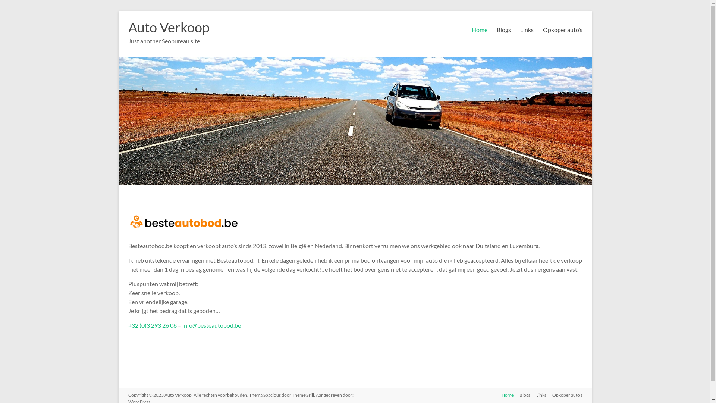 The image size is (716, 403). What do you see at coordinates (182, 325) in the screenshot?
I see `'info@besteautobod.be'` at bounding box center [182, 325].